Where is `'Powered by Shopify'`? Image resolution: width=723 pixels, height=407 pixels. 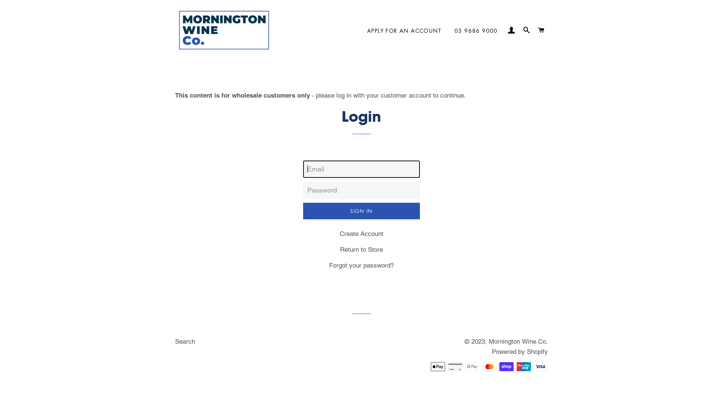 'Powered by Shopify' is located at coordinates (519, 352).